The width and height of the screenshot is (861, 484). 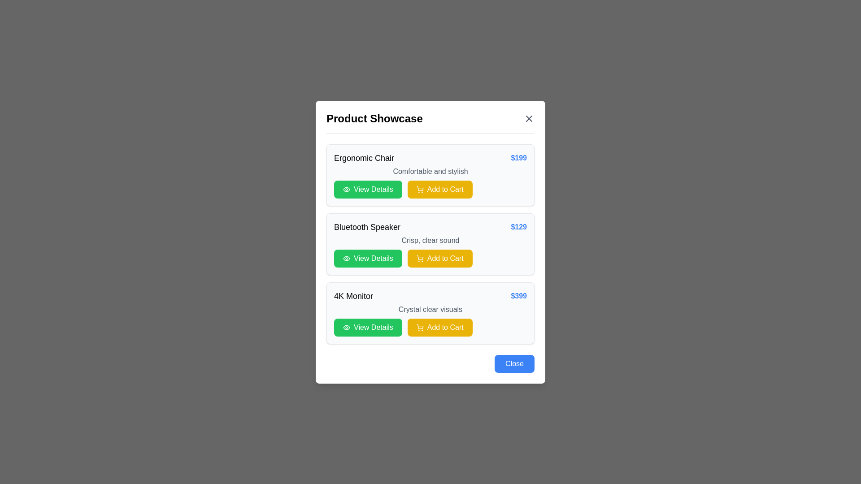 What do you see at coordinates (368, 327) in the screenshot?
I see `the green rectangular button labeled 'View Details' with an eye icon, located to the left of the 'Add to Cart' button in the 'Product Showcase' section` at bounding box center [368, 327].